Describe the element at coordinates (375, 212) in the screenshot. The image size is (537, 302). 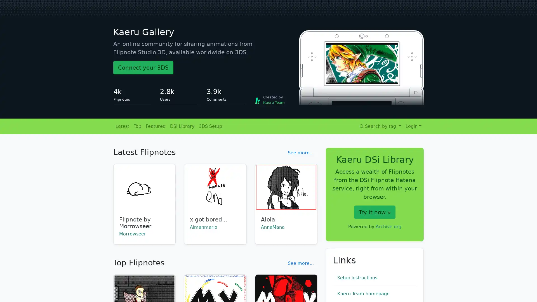
I see `Try it now` at that location.